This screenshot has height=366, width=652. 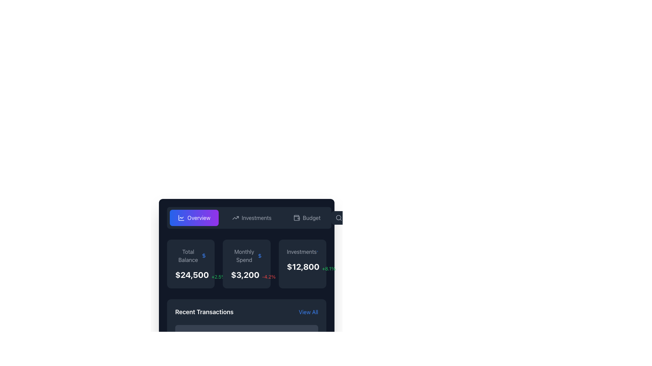 I want to click on text label displaying '+2.5%' which signifies a positive change and is located to the right of the '$24,500' text, so click(x=218, y=277).